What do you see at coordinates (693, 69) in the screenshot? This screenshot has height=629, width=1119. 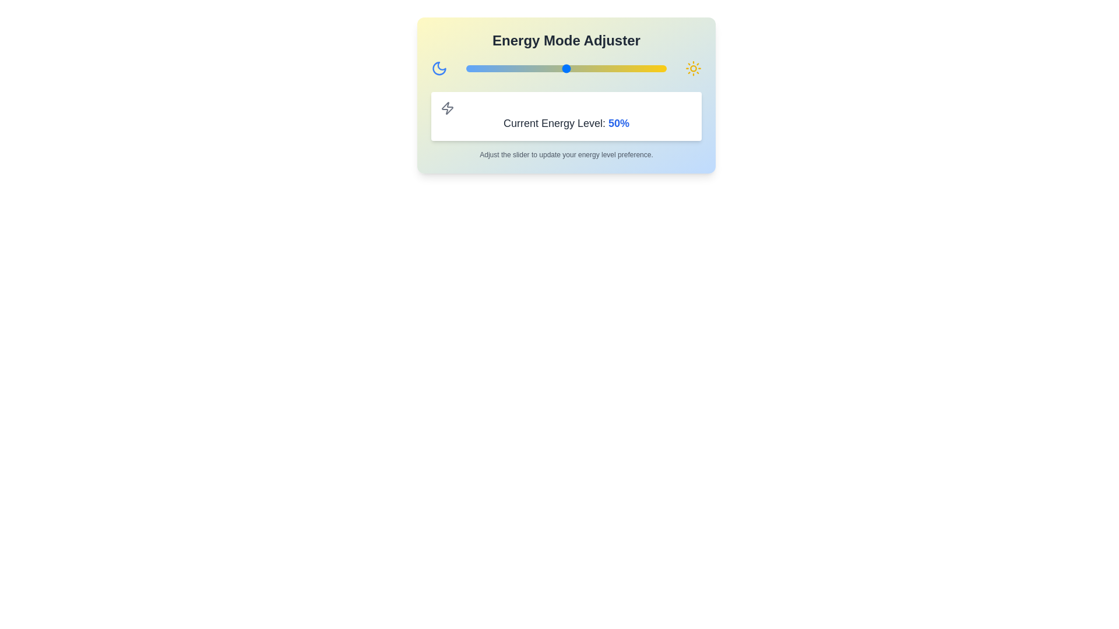 I see `the Sun icon to interact with it` at bounding box center [693, 69].